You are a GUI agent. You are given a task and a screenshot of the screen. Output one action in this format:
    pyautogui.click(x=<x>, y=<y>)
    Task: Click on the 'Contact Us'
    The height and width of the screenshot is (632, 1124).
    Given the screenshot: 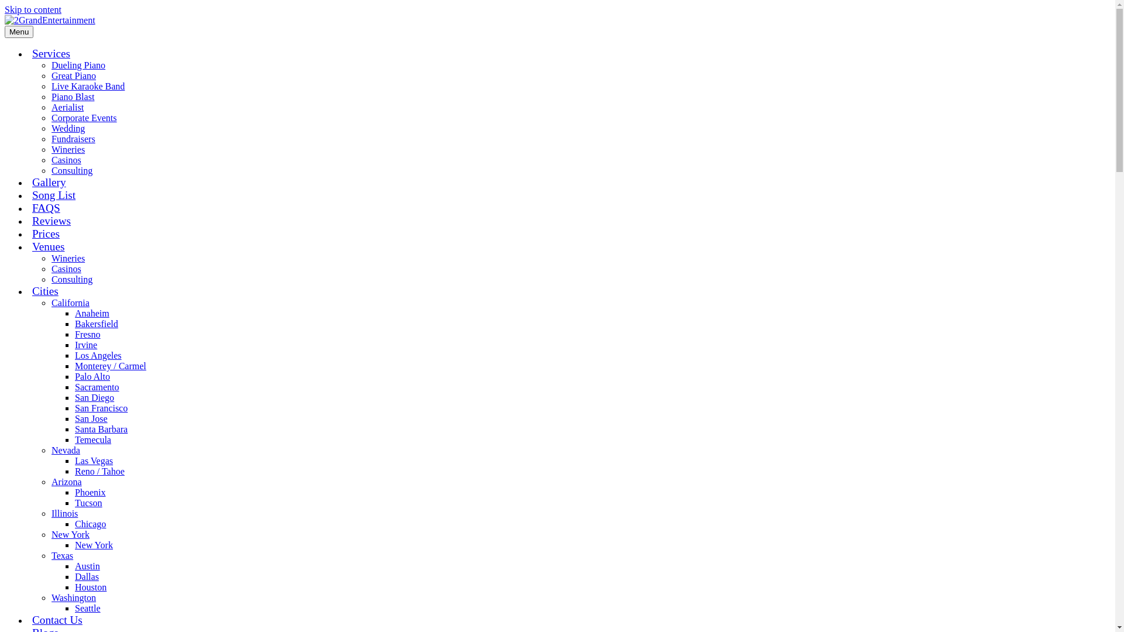 What is the action you would take?
    pyautogui.click(x=56, y=619)
    